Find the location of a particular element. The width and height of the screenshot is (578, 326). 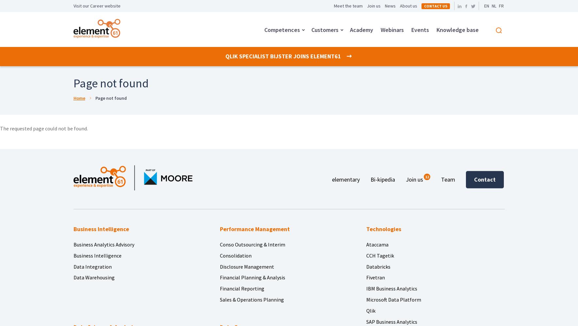

'The requested page could not be found.' is located at coordinates (43, 128).